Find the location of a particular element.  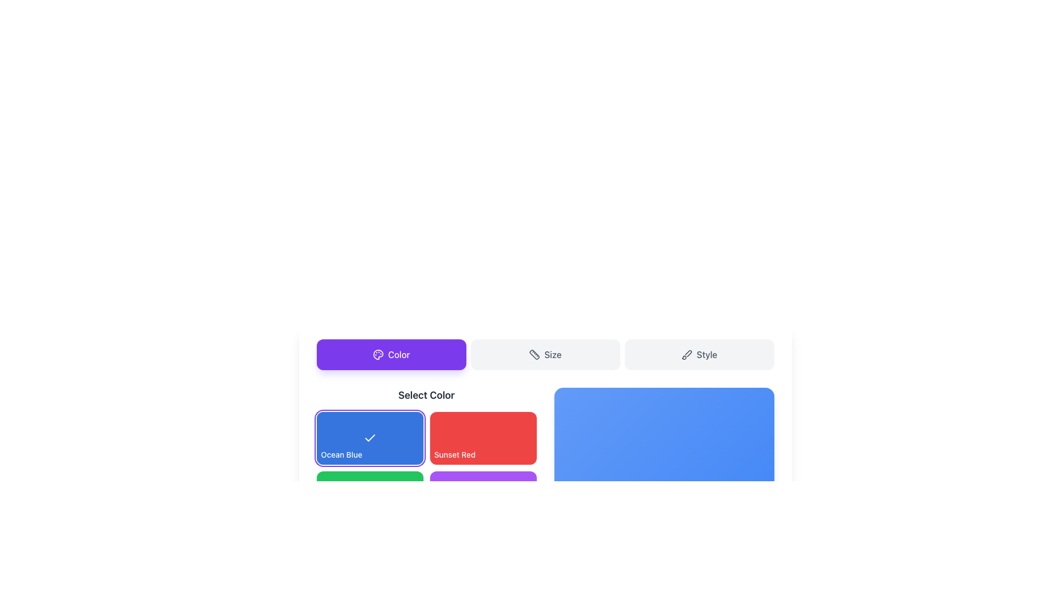

the button labeled 'Sunset Red' is located at coordinates (426, 456).